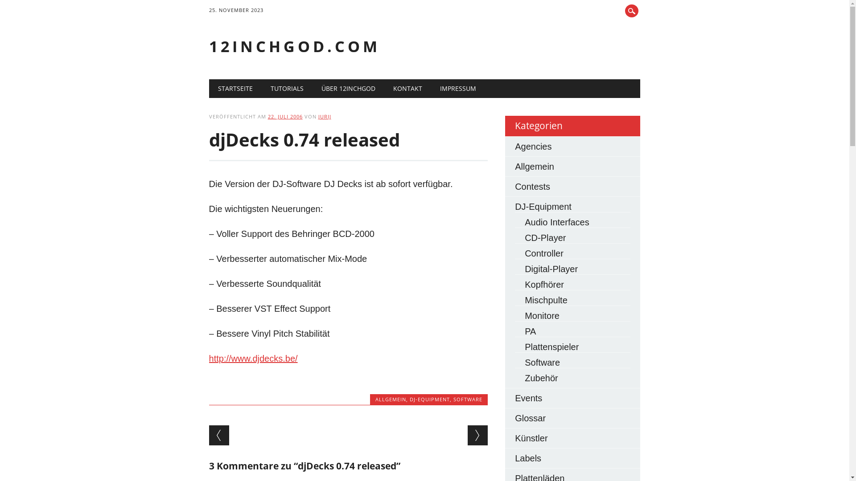 The height and width of the screenshot is (481, 856). What do you see at coordinates (556, 221) in the screenshot?
I see `'Audio Interfaces'` at bounding box center [556, 221].